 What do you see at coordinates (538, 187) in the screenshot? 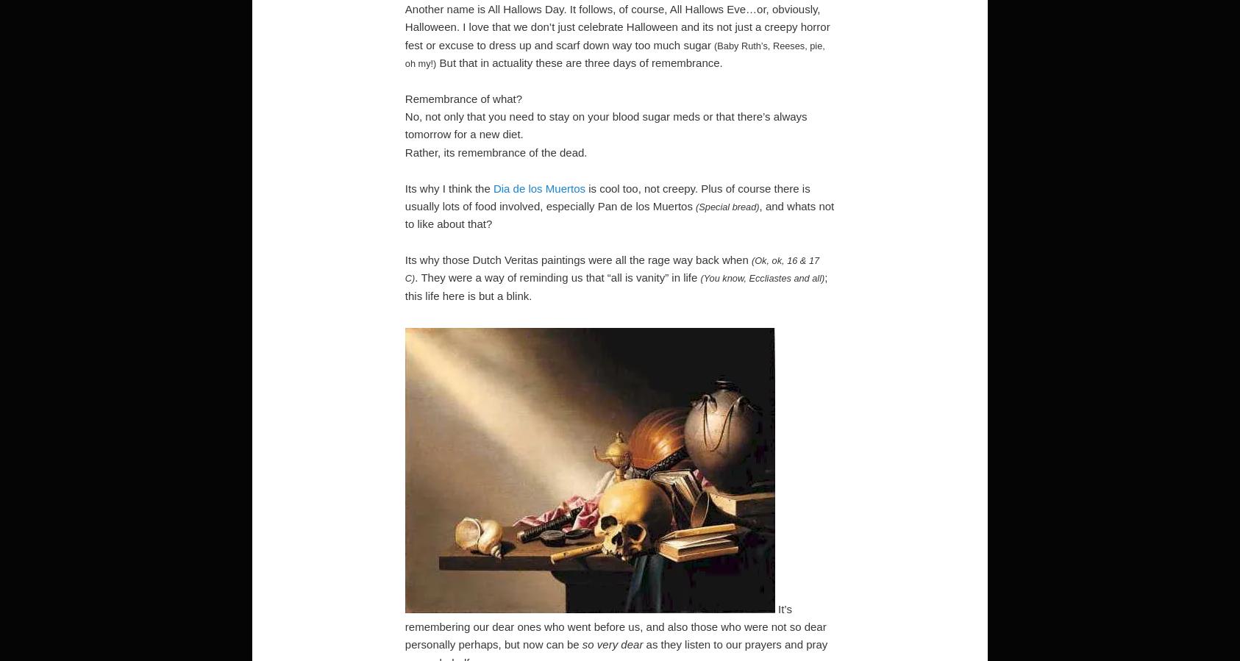
I see `'Dia de los Muertos'` at bounding box center [538, 187].